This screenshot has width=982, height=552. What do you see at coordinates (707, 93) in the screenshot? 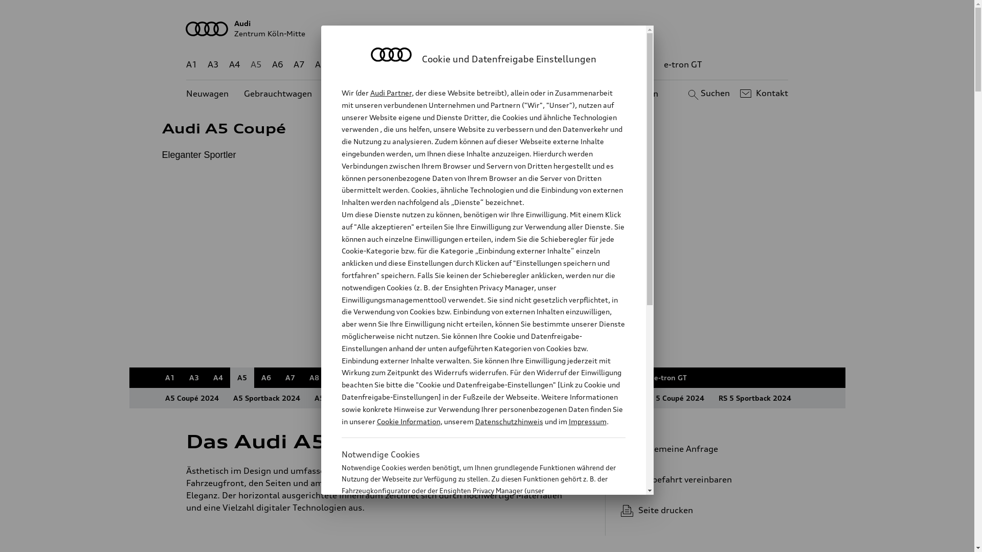
I see `'Suchen'` at bounding box center [707, 93].